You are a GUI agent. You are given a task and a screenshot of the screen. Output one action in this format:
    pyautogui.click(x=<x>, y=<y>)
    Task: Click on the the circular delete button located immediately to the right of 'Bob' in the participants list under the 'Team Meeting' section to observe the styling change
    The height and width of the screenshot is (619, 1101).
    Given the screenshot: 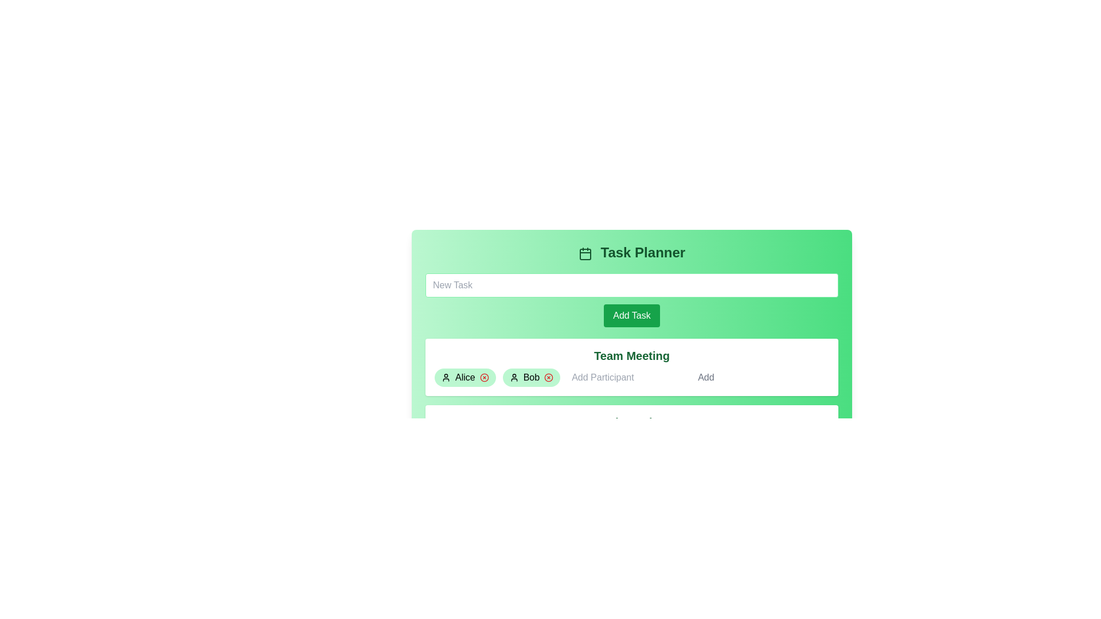 What is the action you would take?
    pyautogui.click(x=548, y=378)
    